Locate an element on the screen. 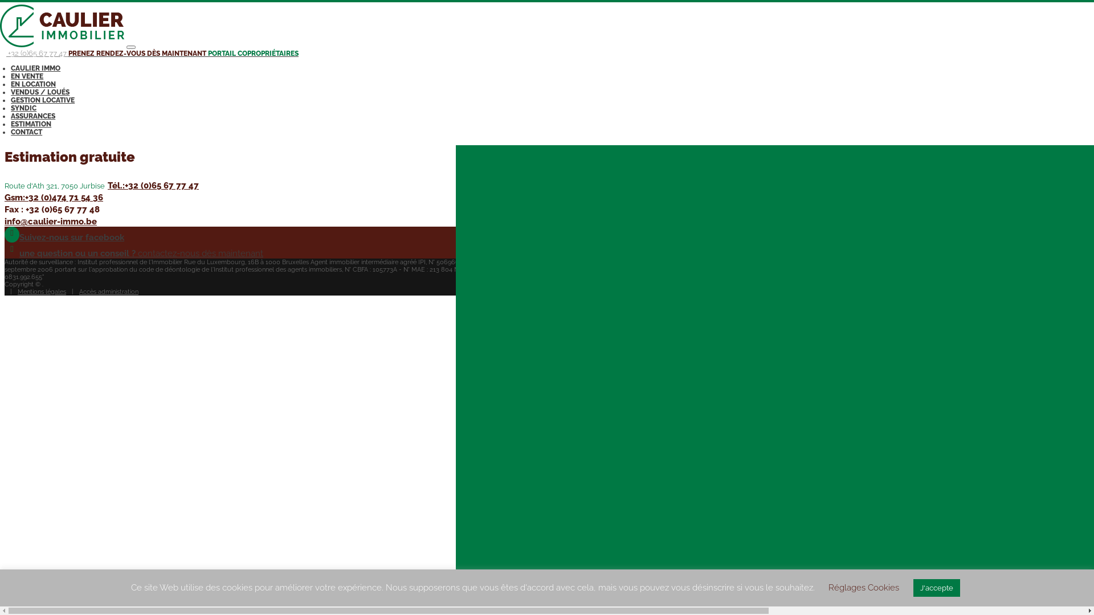  'Gsm:+32 (0)474 71 54 36' is located at coordinates (53, 197).